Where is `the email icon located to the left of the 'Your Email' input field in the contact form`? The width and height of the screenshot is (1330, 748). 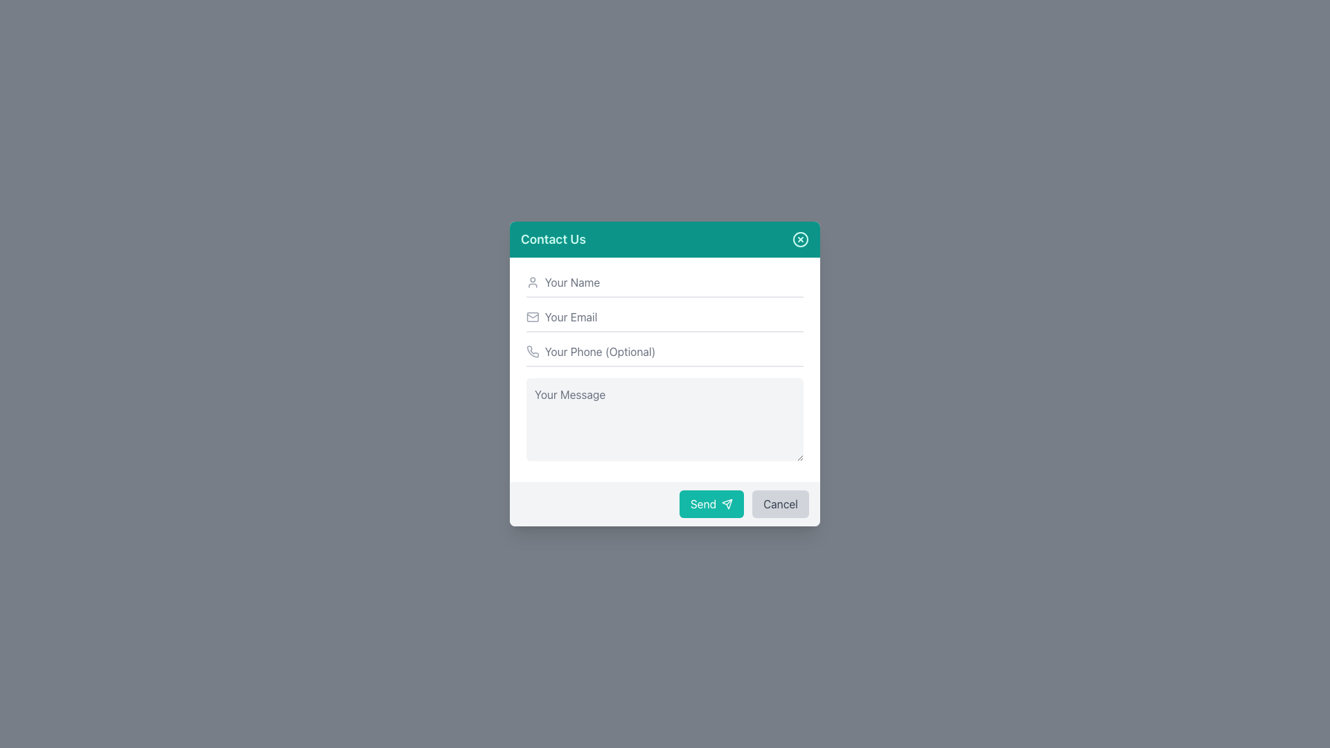
the email icon located to the left of the 'Your Email' input field in the contact form is located at coordinates (532, 317).